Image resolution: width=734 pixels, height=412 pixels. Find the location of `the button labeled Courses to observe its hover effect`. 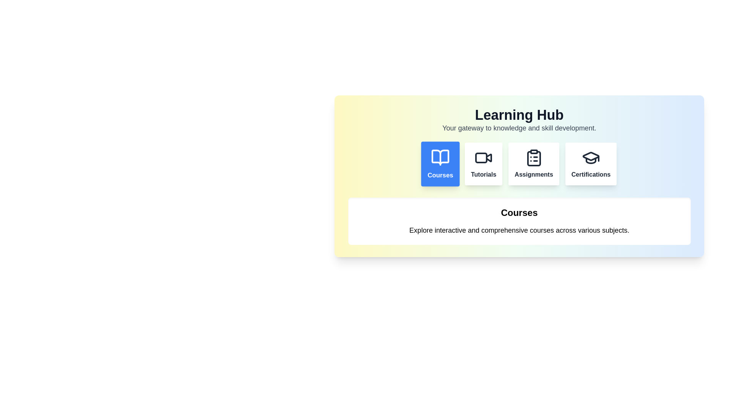

the button labeled Courses to observe its hover effect is located at coordinates (440, 163).